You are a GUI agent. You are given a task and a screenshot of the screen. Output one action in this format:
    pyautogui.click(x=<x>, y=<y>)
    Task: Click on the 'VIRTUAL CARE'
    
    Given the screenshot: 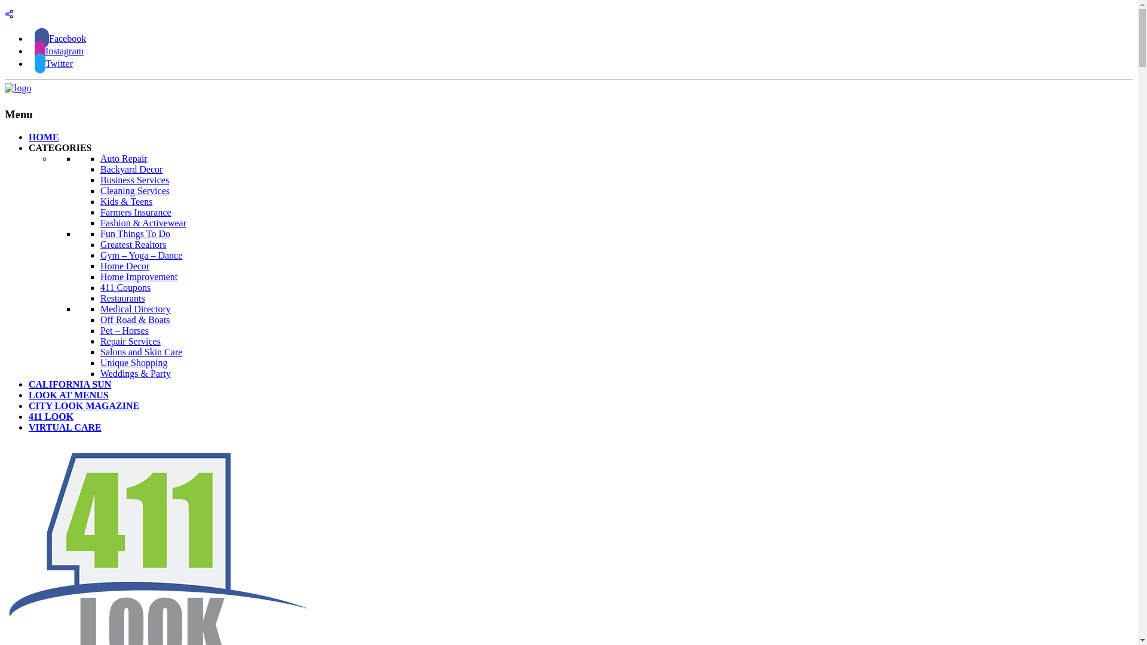 What is the action you would take?
    pyautogui.click(x=65, y=426)
    